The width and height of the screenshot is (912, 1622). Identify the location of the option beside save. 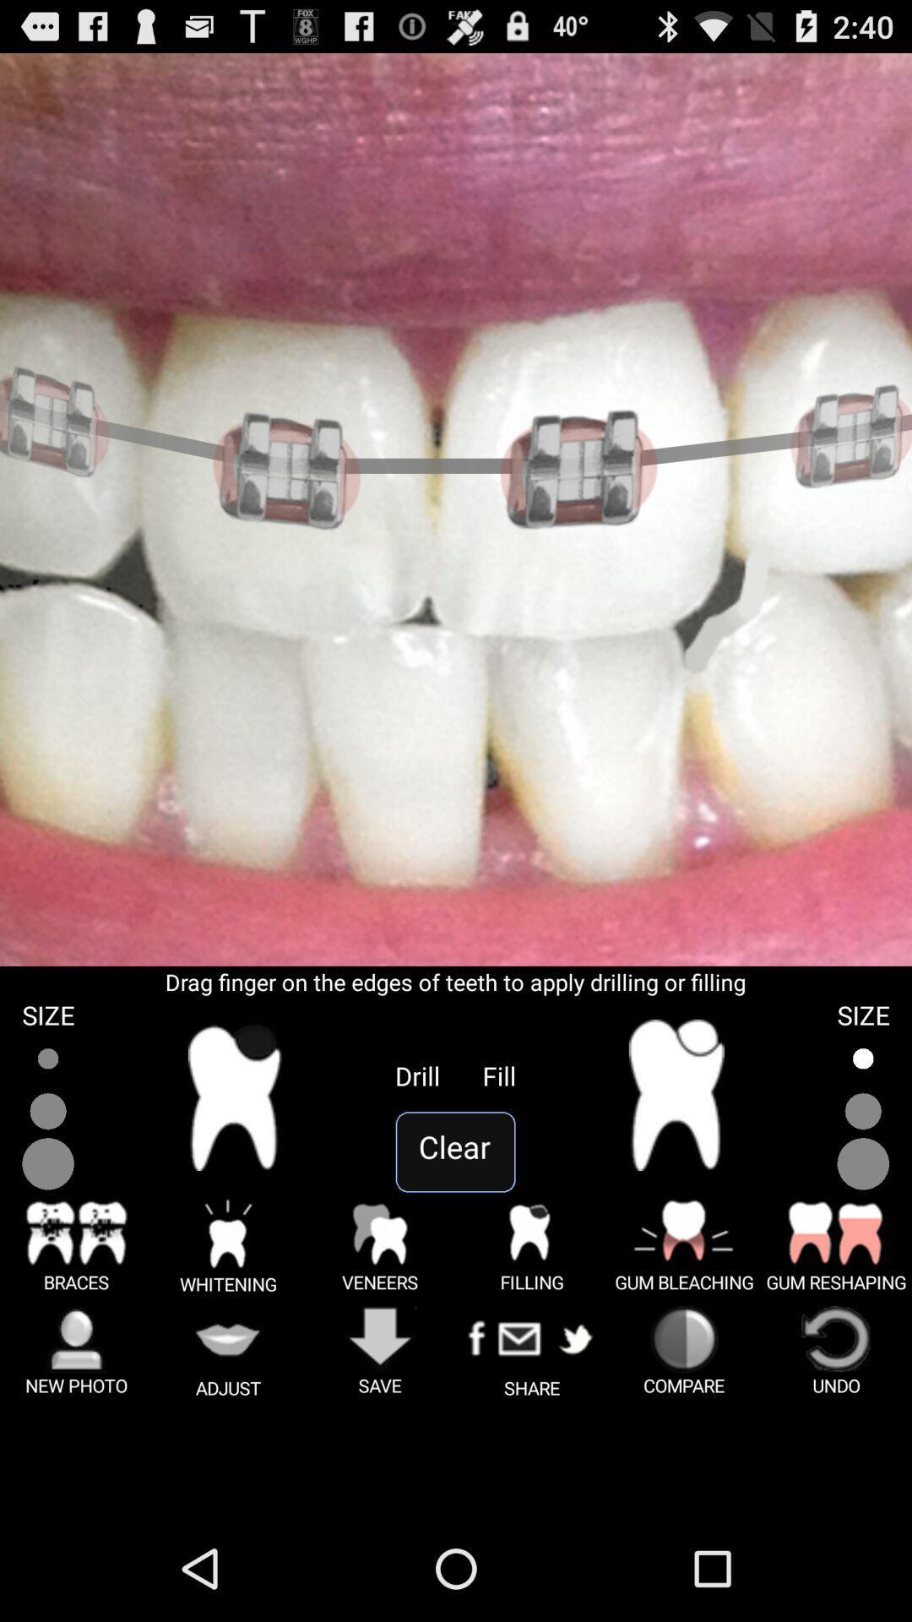
(530, 1352).